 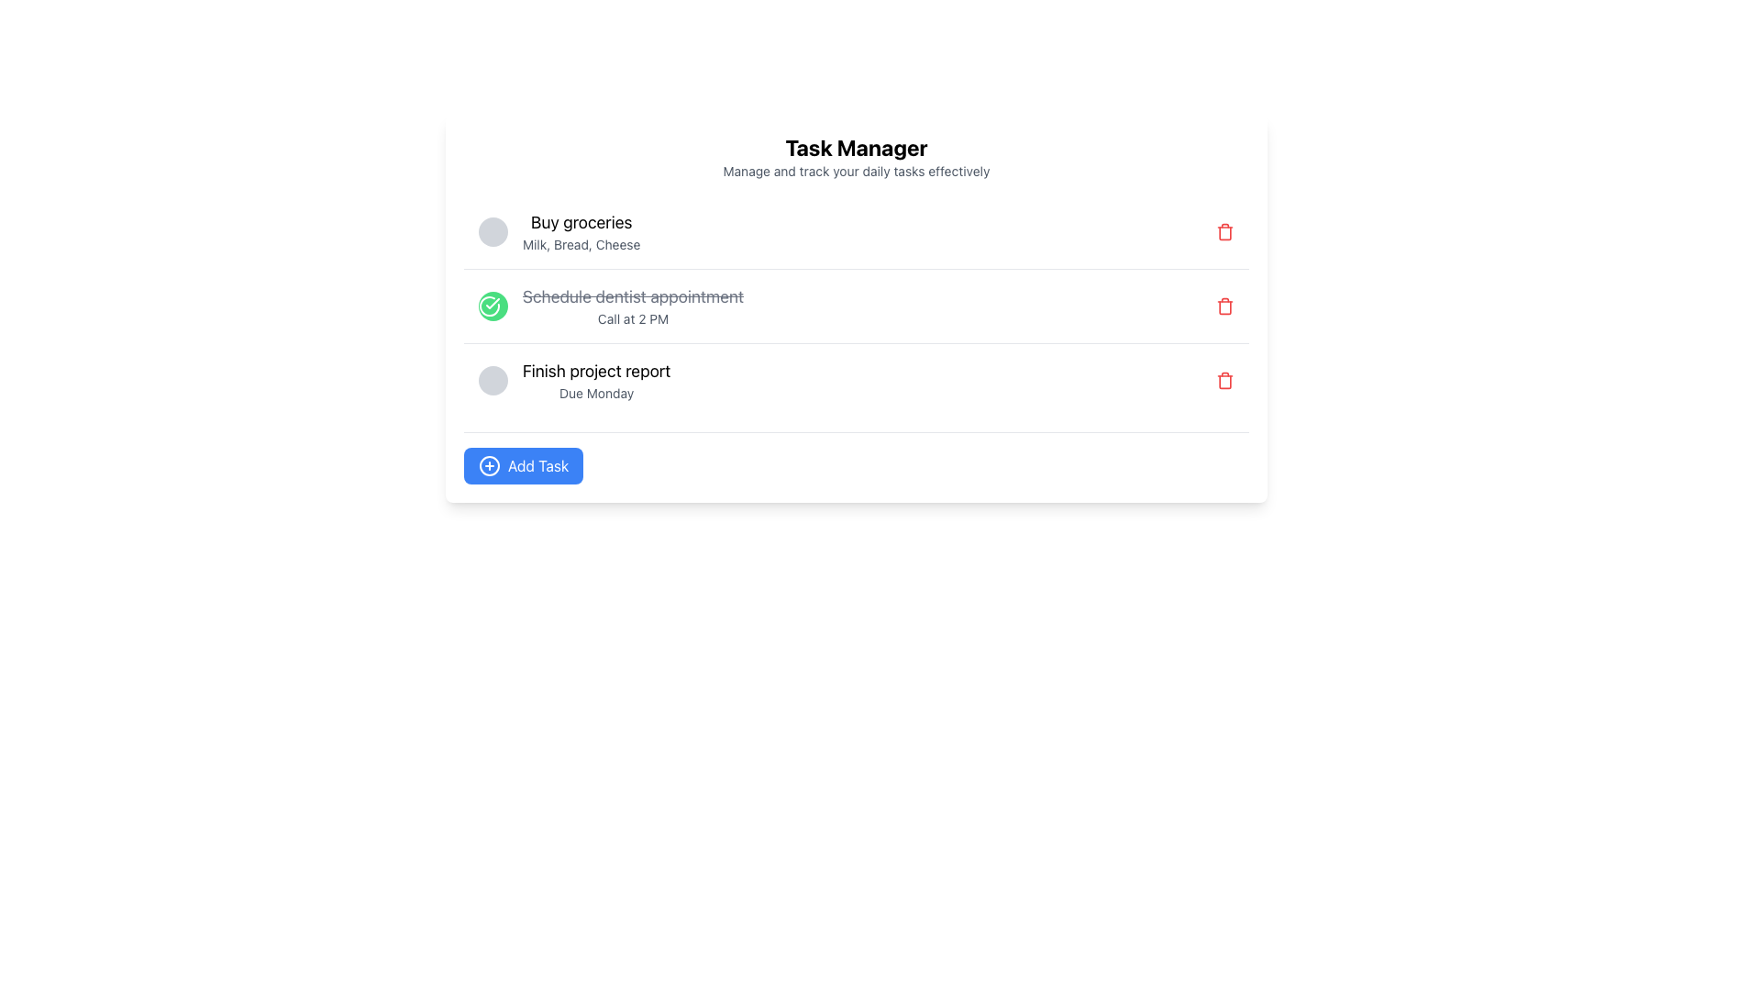 I want to click on the circular SVG icon with a checkmark inside, which is white on a green circular background, located to the left of the text 'Schedule dentist appointment', so click(x=489, y=306).